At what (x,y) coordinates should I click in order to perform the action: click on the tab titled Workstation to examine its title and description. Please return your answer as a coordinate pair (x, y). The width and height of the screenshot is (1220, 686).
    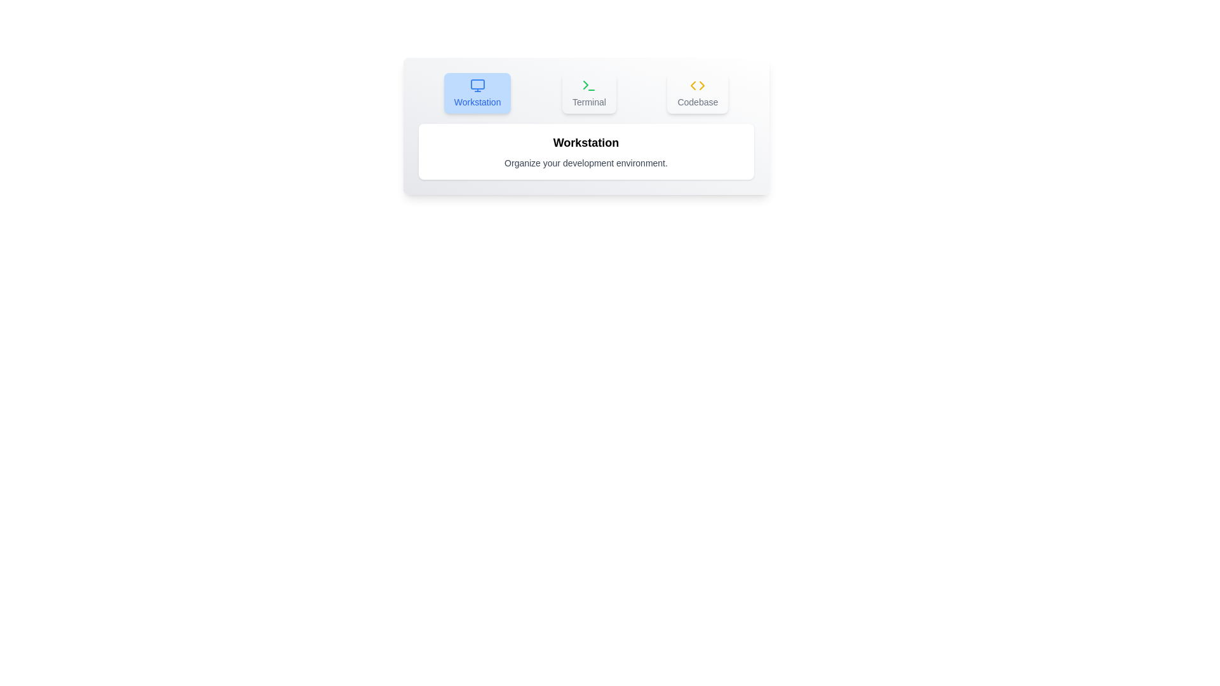
    Looking at the image, I should click on (476, 92).